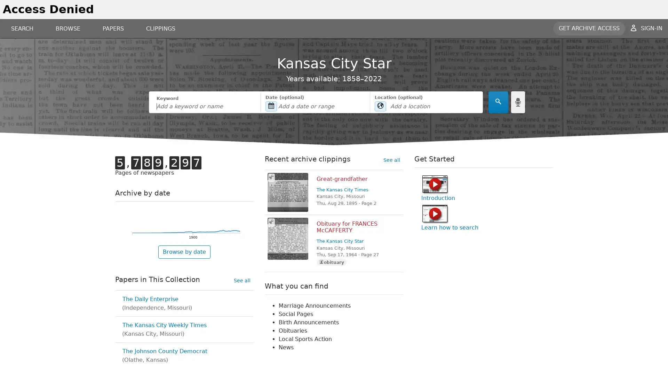  What do you see at coordinates (518, 102) in the screenshot?
I see `Voice Search` at bounding box center [518, 102].